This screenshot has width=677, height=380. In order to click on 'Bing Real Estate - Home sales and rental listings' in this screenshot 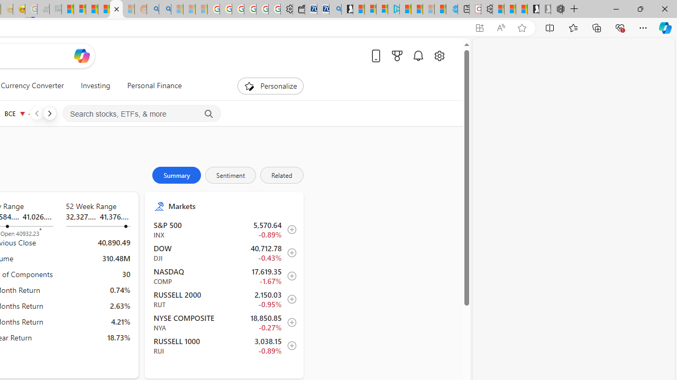, I will do `click(335, 9)`.